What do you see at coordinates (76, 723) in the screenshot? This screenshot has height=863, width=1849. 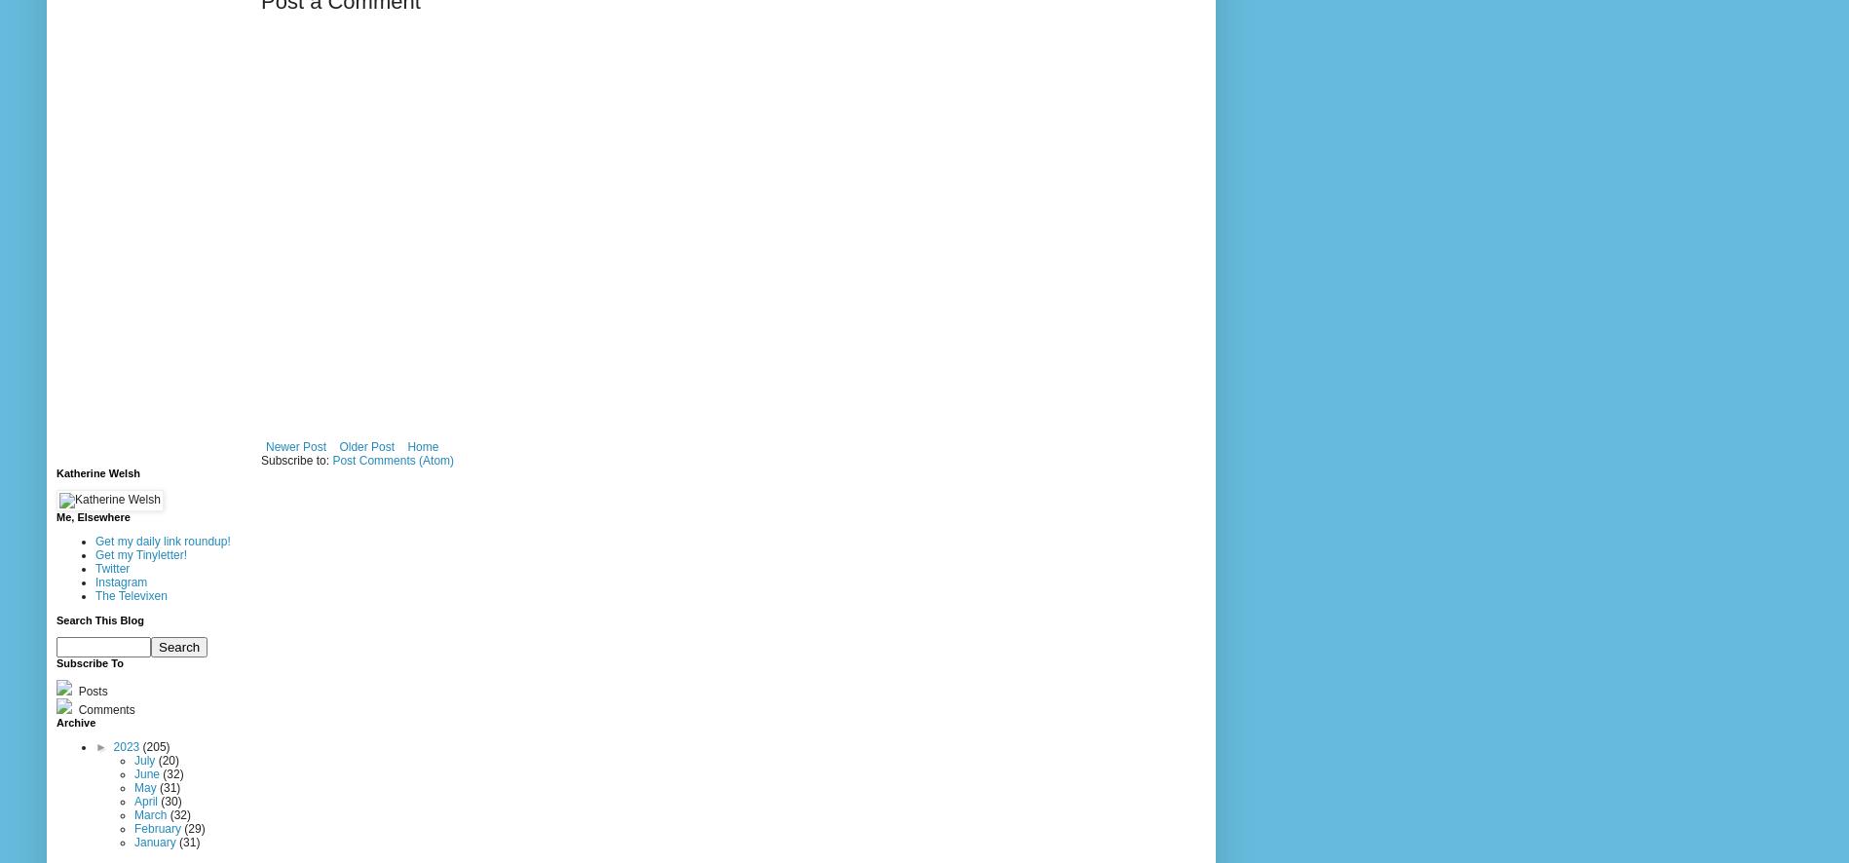 I see `'Archive'` at bounding box center [76, 723].